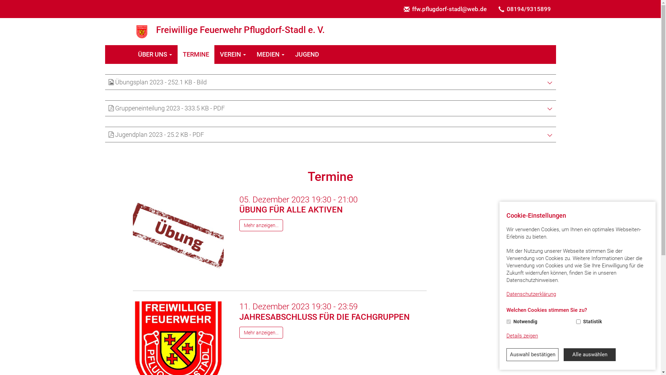 Image resolution: width=666 pixels, height=375 pixels. What do you see at coordinates (307, 54) in the screenshot?
I see `'JUGEND'` at bounding box center [307, 54].